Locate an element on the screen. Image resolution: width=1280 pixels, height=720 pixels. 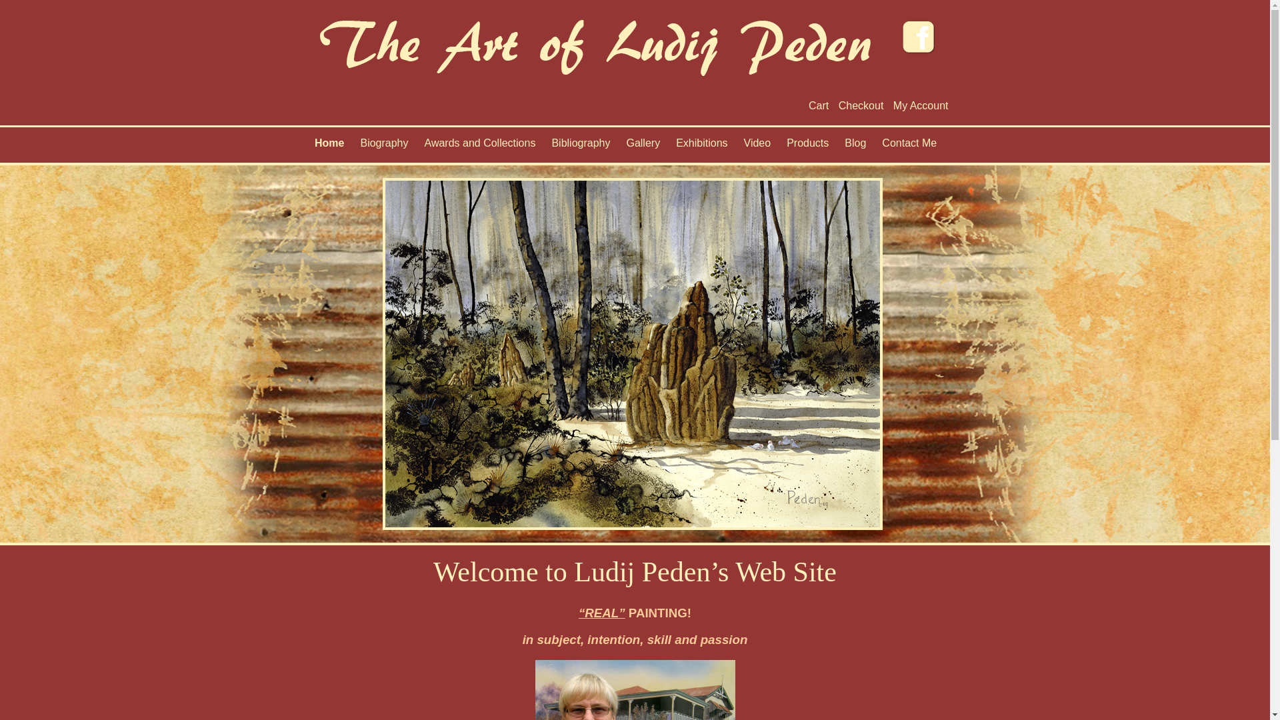
'Checkout' is located at coordinates (861, 105).